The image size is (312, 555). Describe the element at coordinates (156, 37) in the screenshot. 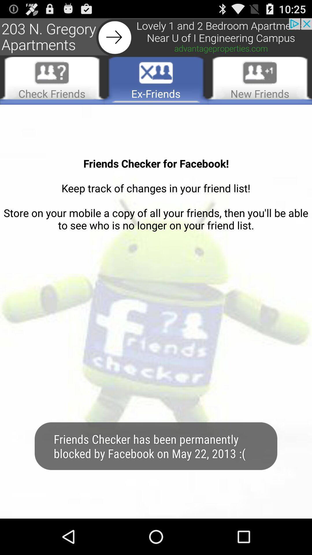

I see `advertisement link` at that location.